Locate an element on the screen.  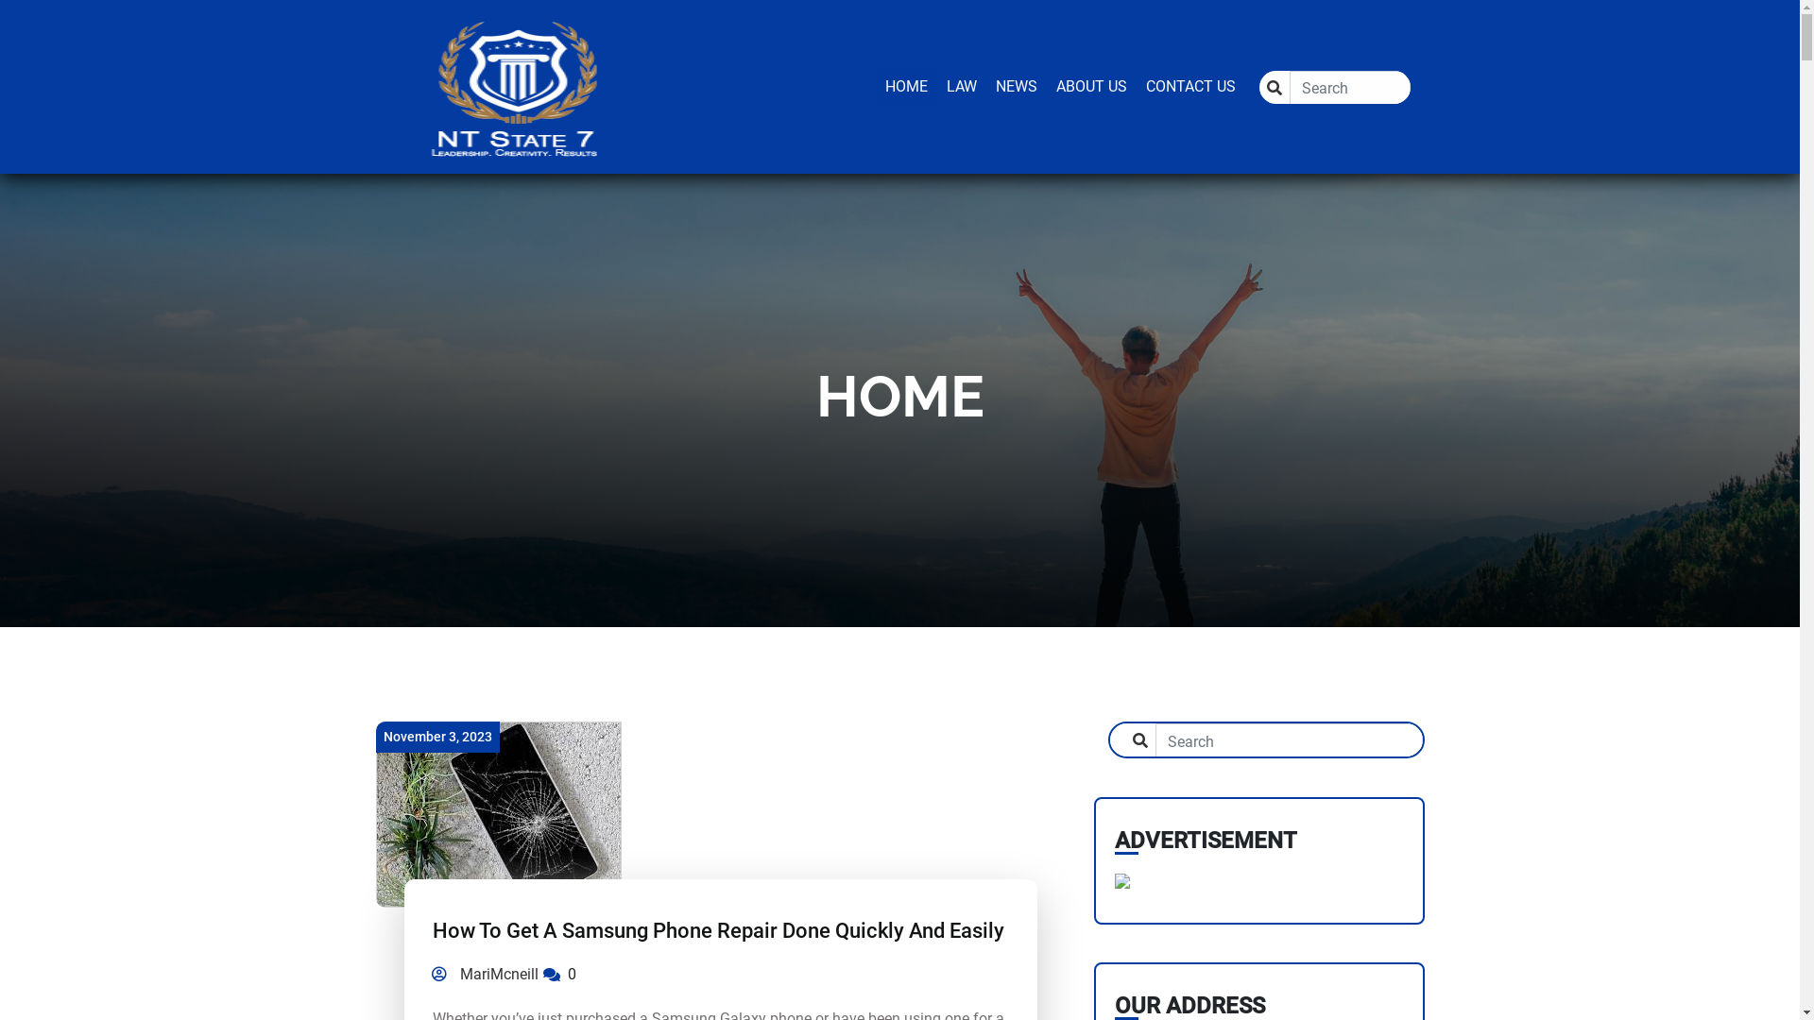
'MariMcneill' is located at coordinates (425, 975).